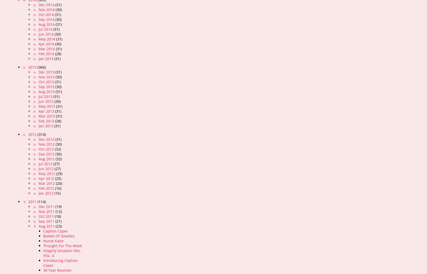  Describe the element at coordinates (47, 77) in the screenshot. I see `'Nov 2013'` at that location.